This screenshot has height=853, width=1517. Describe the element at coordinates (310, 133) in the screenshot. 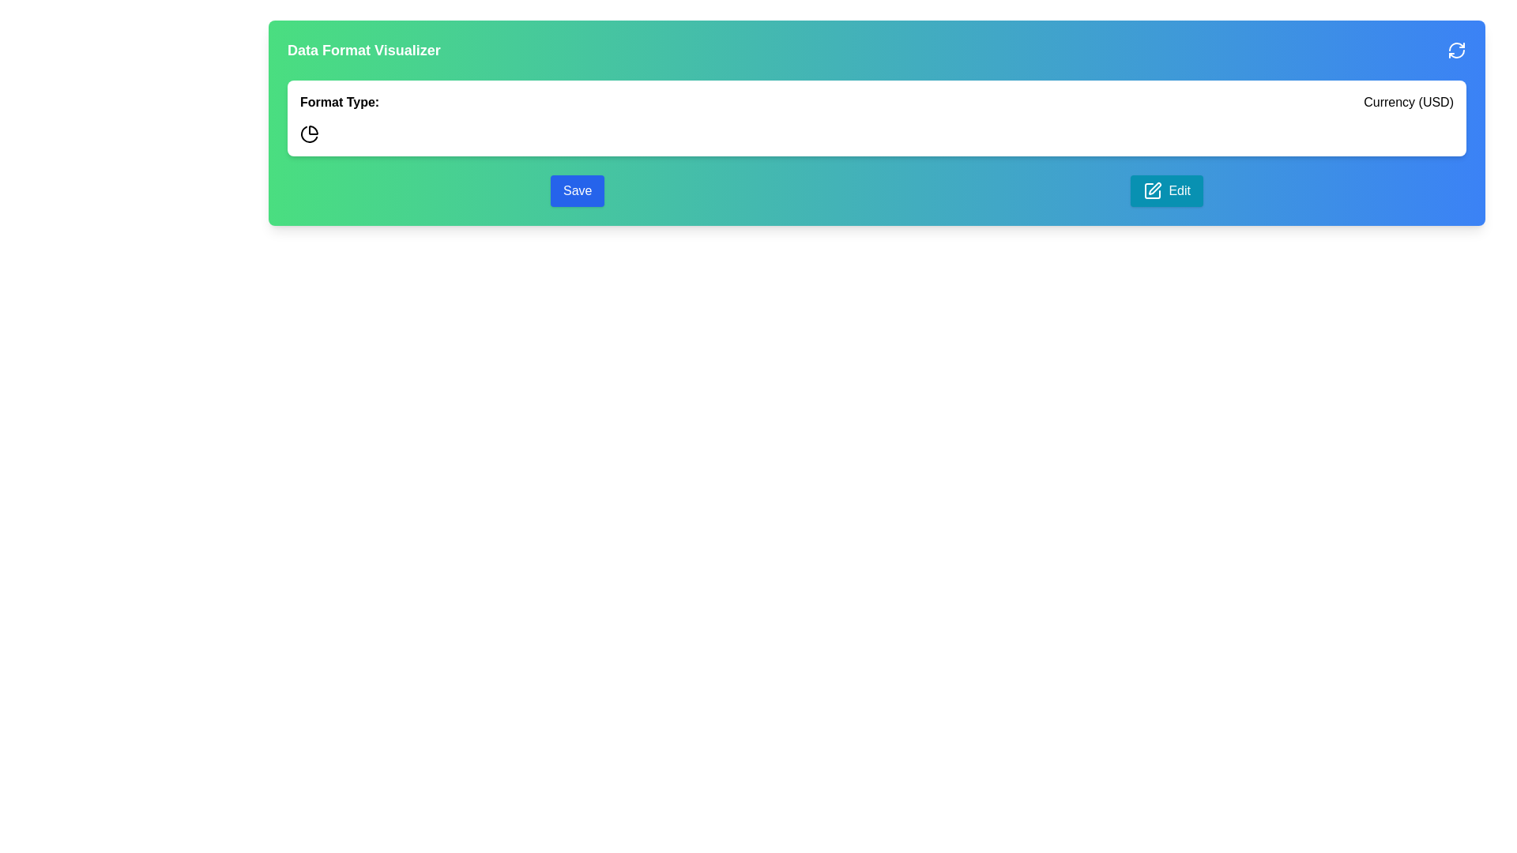

I see `the pie chart styled SVG icon located below the 'Format Type:' label, positioned towards the top-left corner of the interface` at that location.